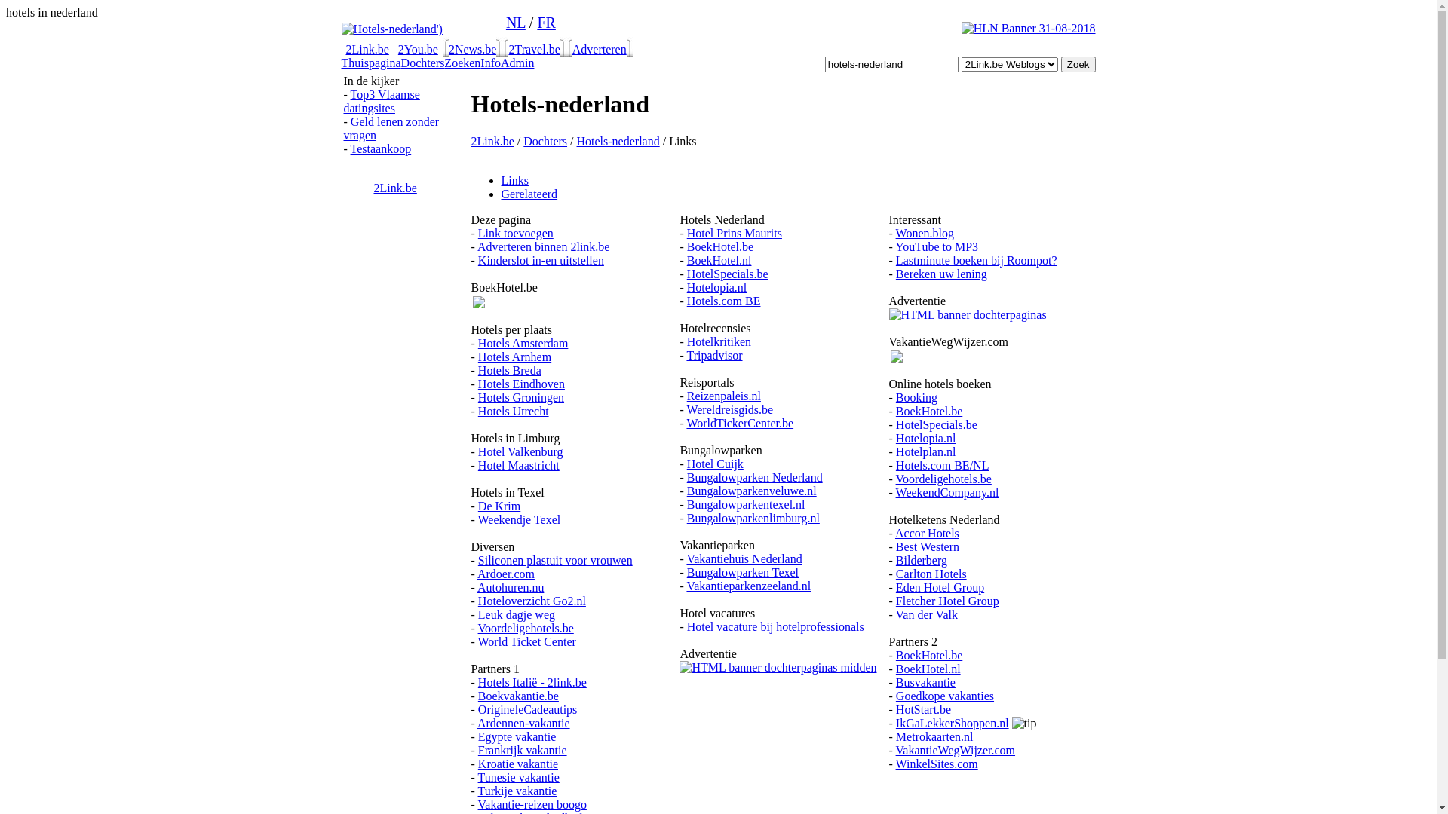  I want to click on 'Zoek', so click(1078, 63).